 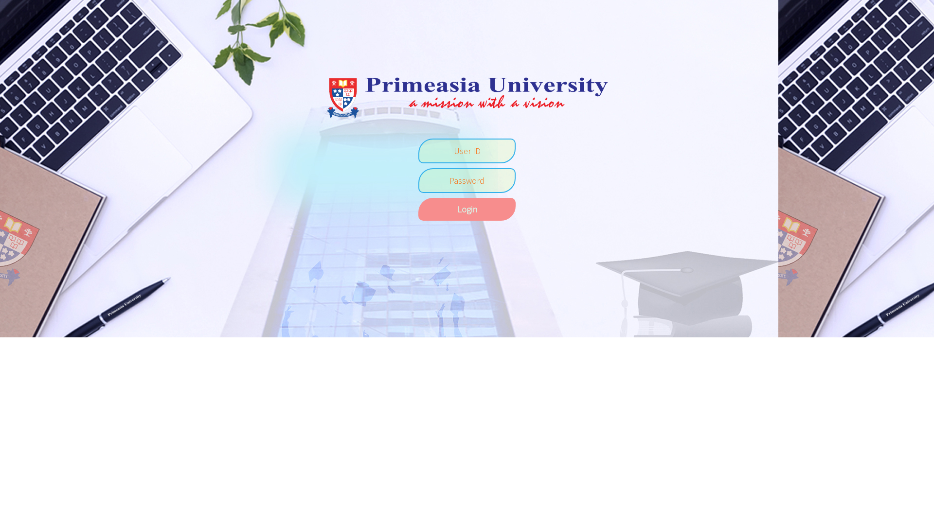 I want to click on 'Login', so click(x=418, y=209).